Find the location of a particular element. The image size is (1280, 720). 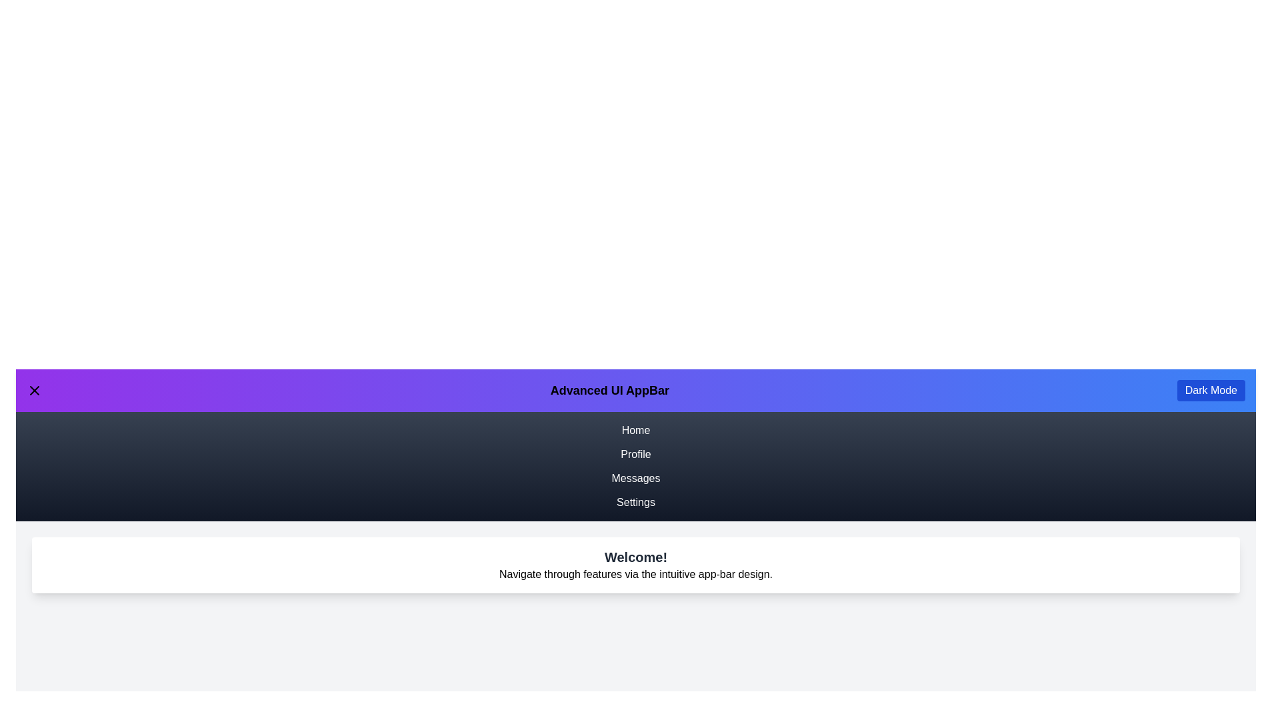

the navigation link Messages is located at coordinates (635, 477).